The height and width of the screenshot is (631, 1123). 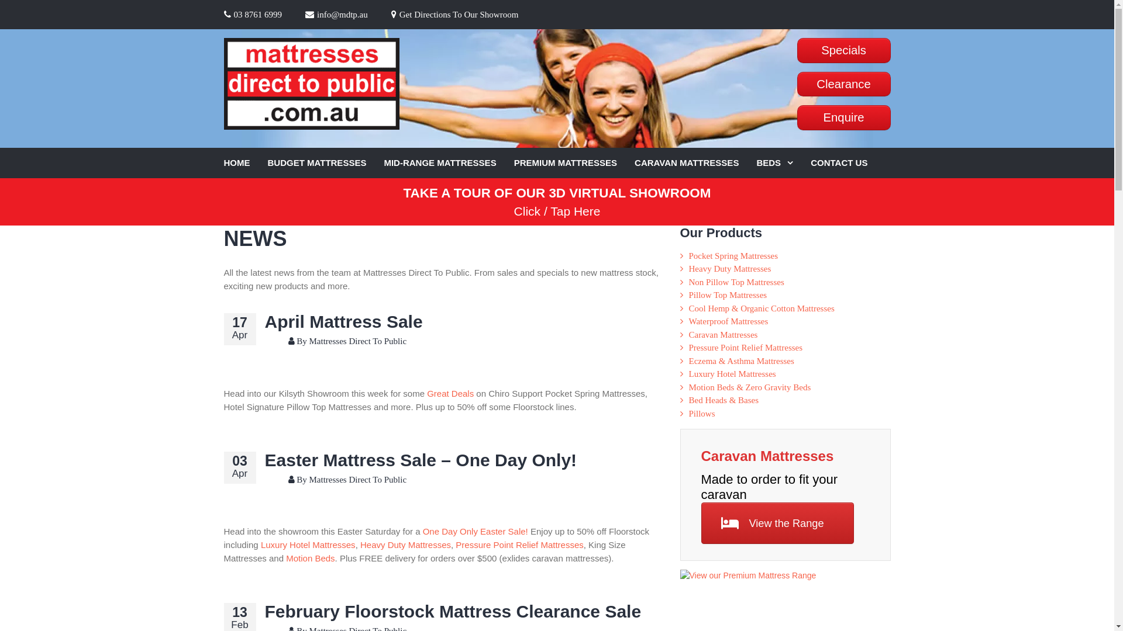 What do you see at coordinates (729, 268) in the screenshot?
I see `'Heavy Duty Mattresses'` at bounding box center [729, 268].